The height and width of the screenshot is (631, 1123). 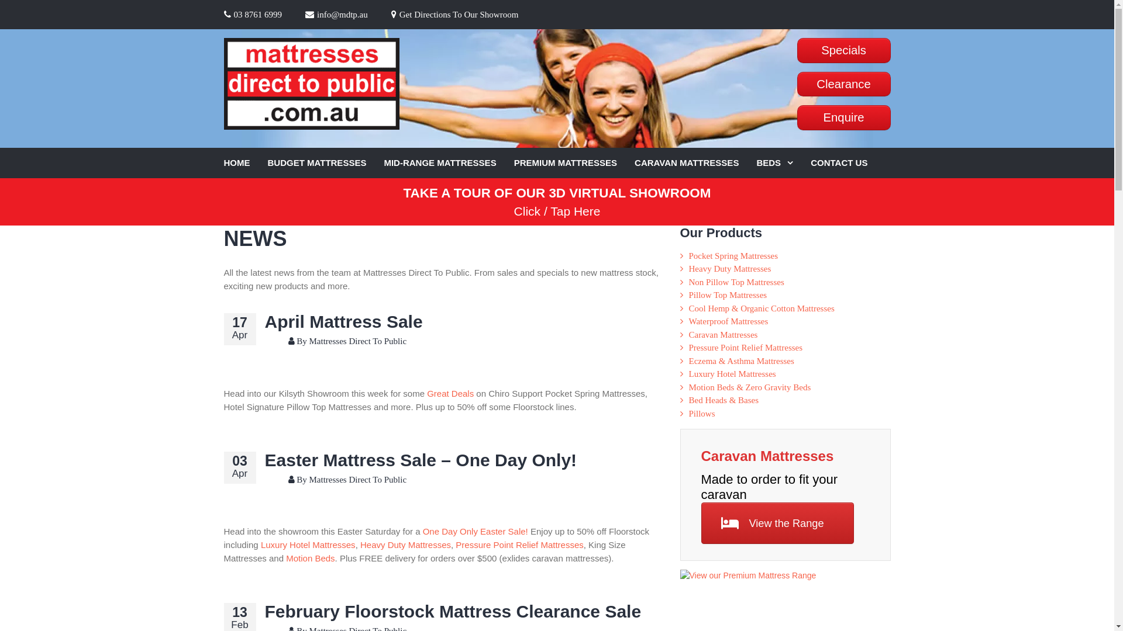 What do you see at coordinates (729, 268) in the screenshot?
I see `'Heavy Duty Mattresses'` at bounding box center [729, 268].